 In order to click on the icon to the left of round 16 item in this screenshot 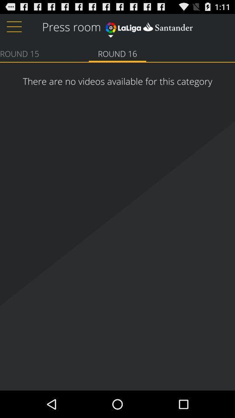, I will do `click(19, 53)`.